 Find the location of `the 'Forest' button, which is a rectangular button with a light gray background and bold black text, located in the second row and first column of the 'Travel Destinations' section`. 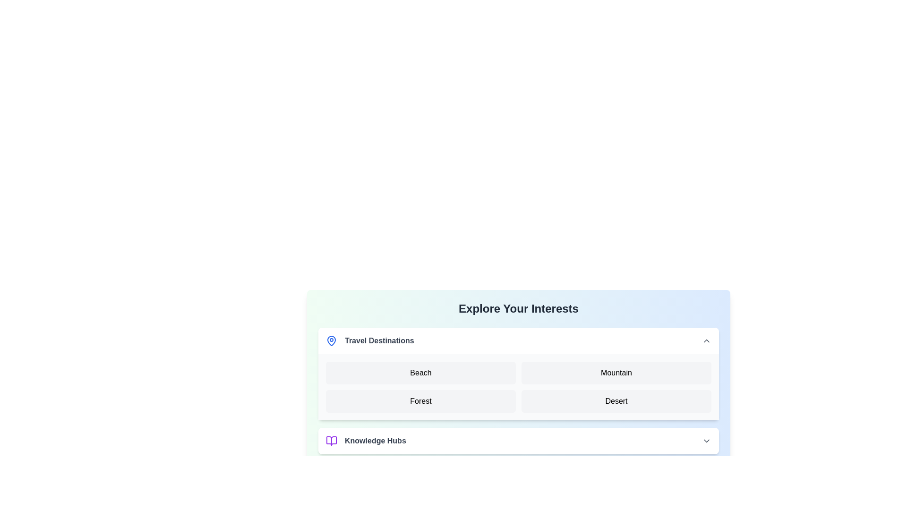

the 'Forest' button, which is a rectangular button with a light gray background and bold black text, located in the second row and first column of the 'Travel Destinations' section is located at coordinates (420, 401).